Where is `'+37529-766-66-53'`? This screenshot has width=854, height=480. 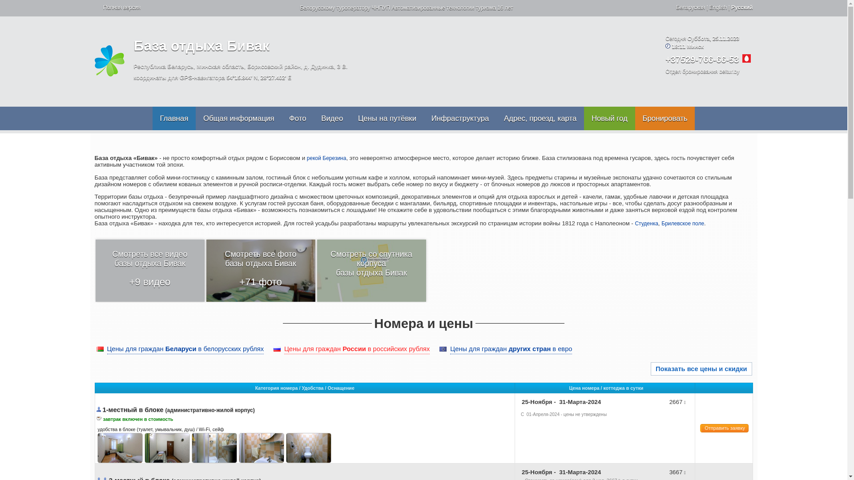 '+37529-766-66-53' is located at coordinates (701, 60).